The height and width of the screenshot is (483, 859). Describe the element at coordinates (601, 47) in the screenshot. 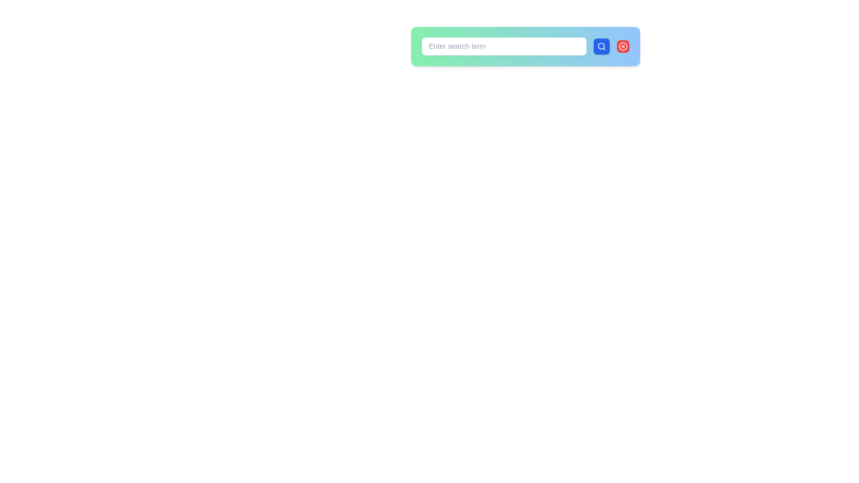

I see `the search button located between the input field on the far left and the red button on the right to initiate a search operation` at that location.